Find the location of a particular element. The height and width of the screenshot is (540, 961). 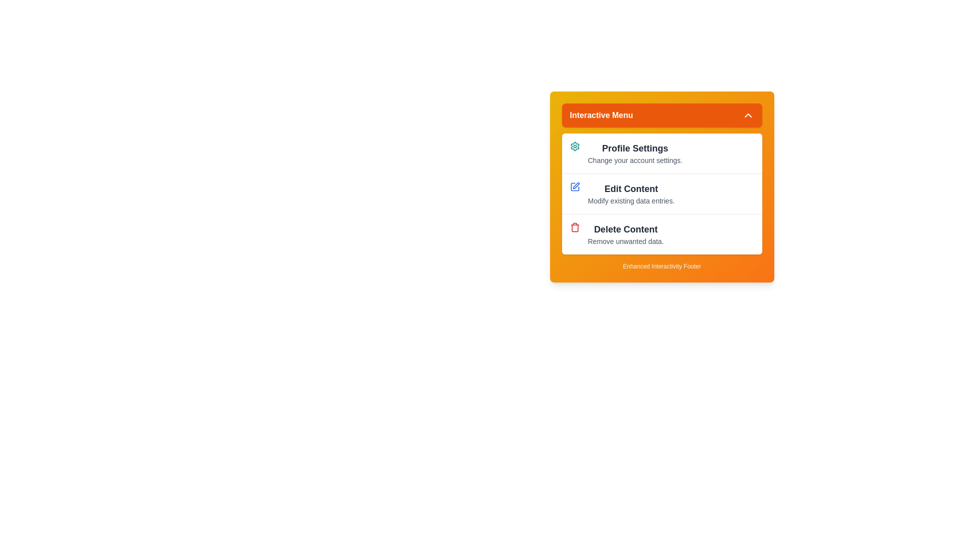

the menu item Delete Content to reveal its hover effect is located at coordinates (625, 234).